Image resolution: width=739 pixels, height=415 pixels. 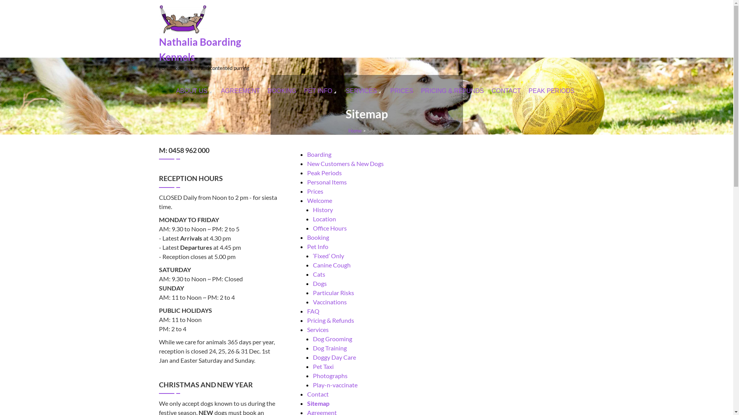 I want to click on 'Play-n-vaccinate', so click(x=335, y=385).